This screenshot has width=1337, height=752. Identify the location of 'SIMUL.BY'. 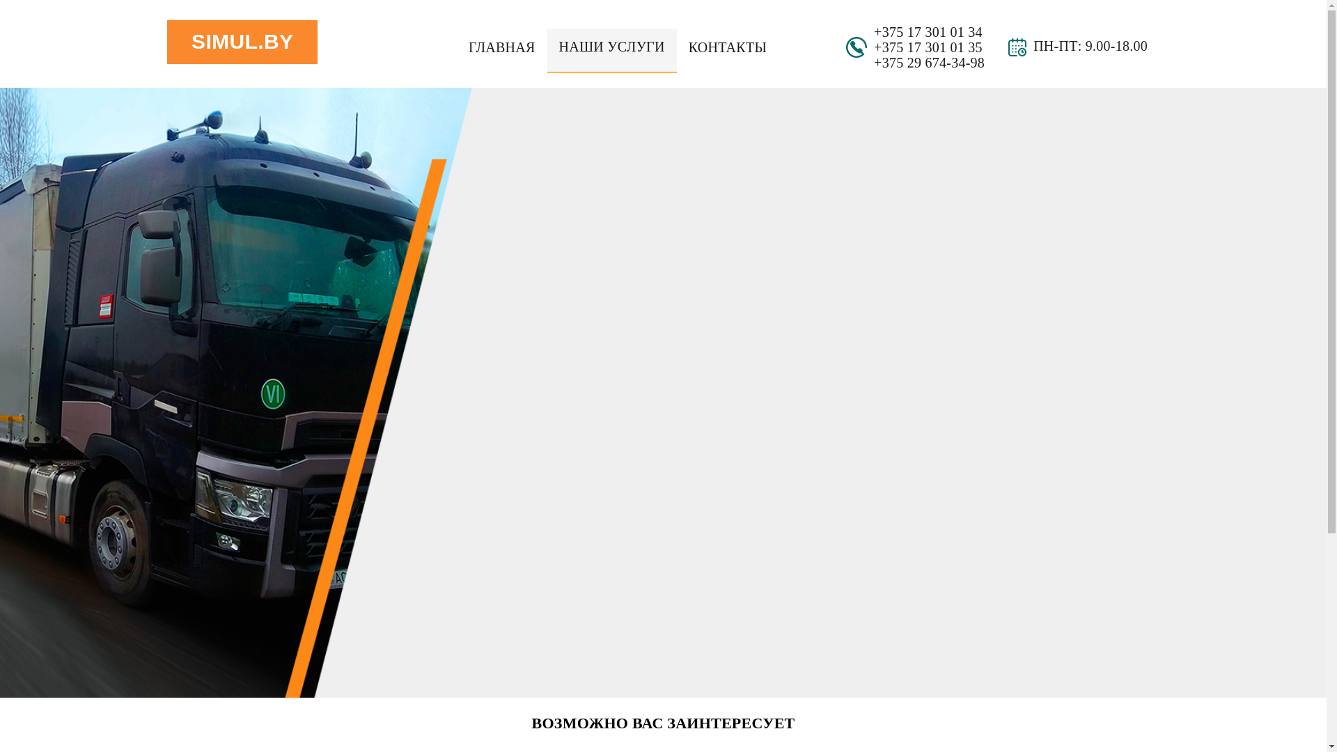
(242, 41).